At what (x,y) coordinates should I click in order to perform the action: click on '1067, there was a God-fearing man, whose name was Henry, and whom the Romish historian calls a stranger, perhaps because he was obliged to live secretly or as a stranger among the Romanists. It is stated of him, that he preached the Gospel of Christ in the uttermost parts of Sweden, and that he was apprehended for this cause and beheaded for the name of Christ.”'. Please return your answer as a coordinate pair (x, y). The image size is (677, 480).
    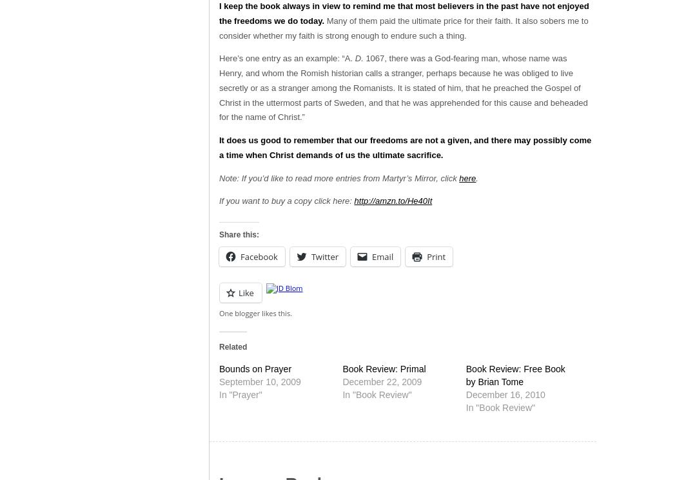
    Looking at the image, I should click on (403, 88).